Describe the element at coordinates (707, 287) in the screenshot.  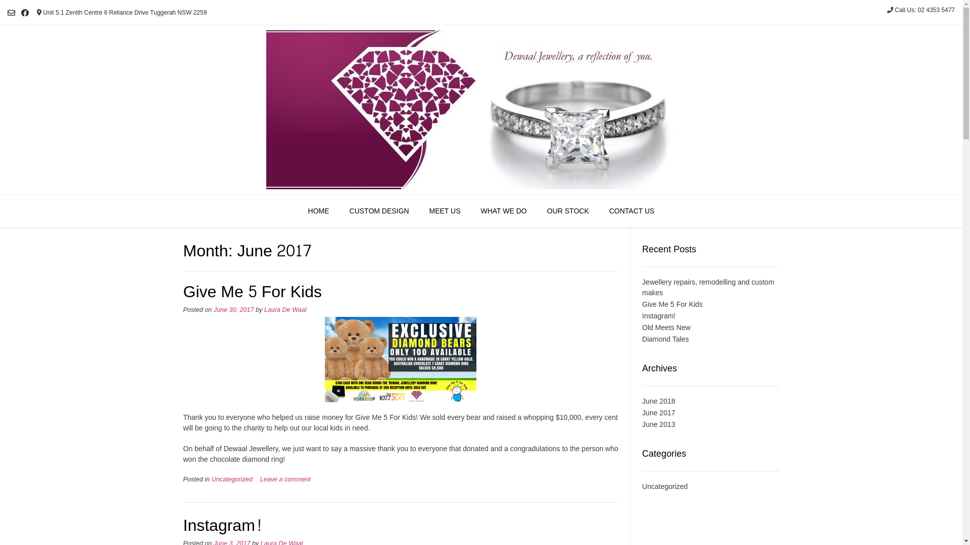
I see `'Jewellery repairs, remodelling and custom makes'` at that location.